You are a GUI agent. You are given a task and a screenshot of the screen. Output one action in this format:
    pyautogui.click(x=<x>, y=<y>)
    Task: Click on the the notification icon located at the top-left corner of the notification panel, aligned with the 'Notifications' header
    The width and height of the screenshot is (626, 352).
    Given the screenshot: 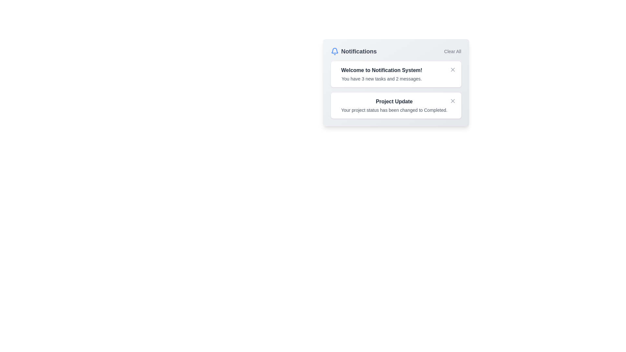 What is the action you would take?
    pyautogui.click(x=335, y=51)
    